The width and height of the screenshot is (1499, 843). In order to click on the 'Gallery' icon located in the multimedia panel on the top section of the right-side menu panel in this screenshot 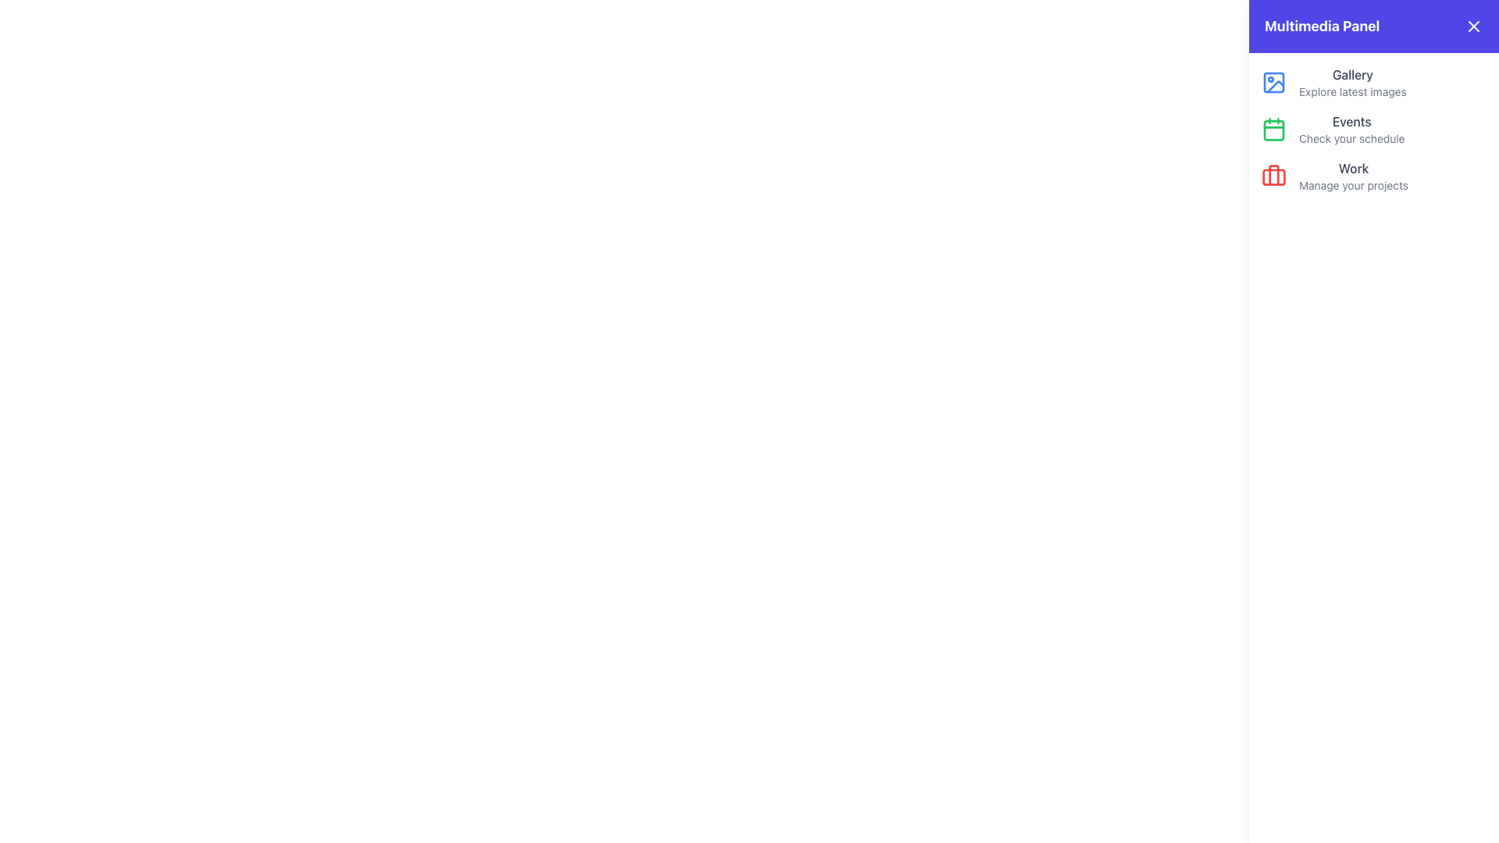, I will do `click(1275, 87)`.